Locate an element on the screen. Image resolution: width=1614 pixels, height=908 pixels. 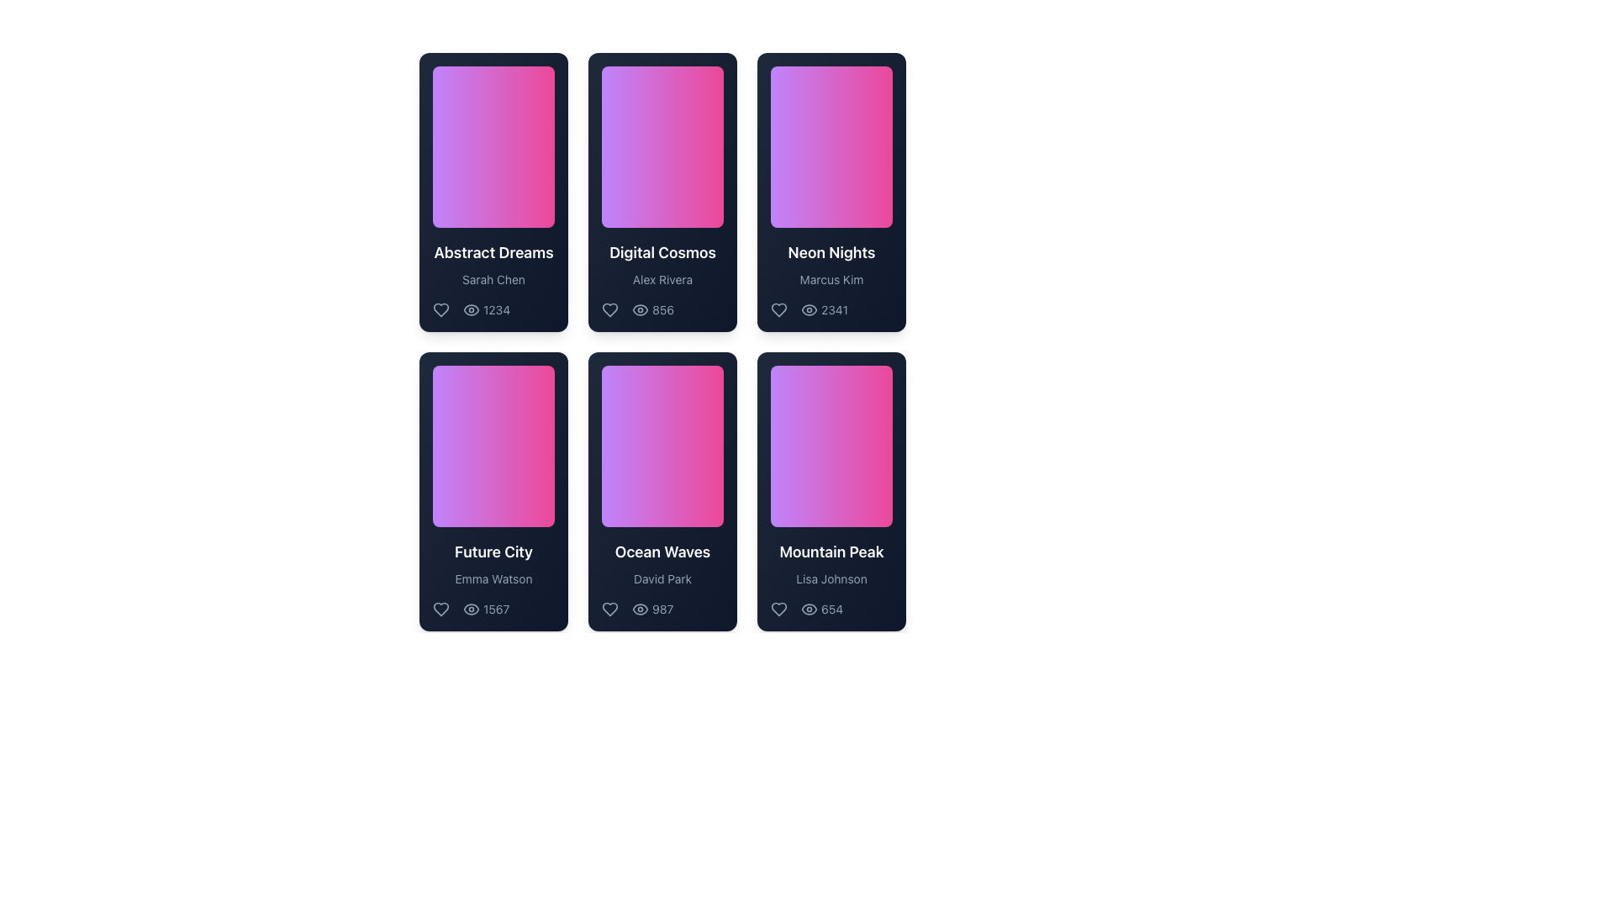
the static text element displaying the numeric value '856', which is styled in light color on a dark background and located next to an eye icon within the 'Digital Cosmos' card is located at coordinates (636, 310).